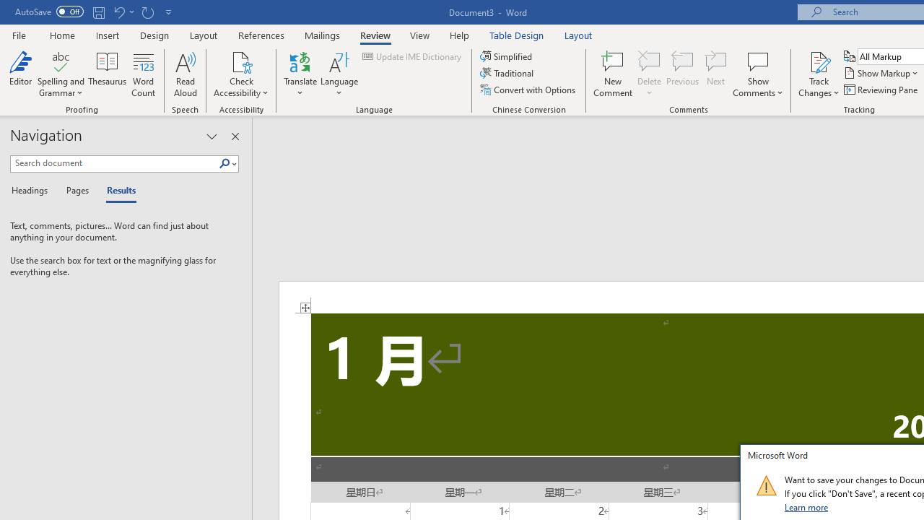 This screenshot has width=924, height=520. I want to click on 'Editor', so click(20, 74).